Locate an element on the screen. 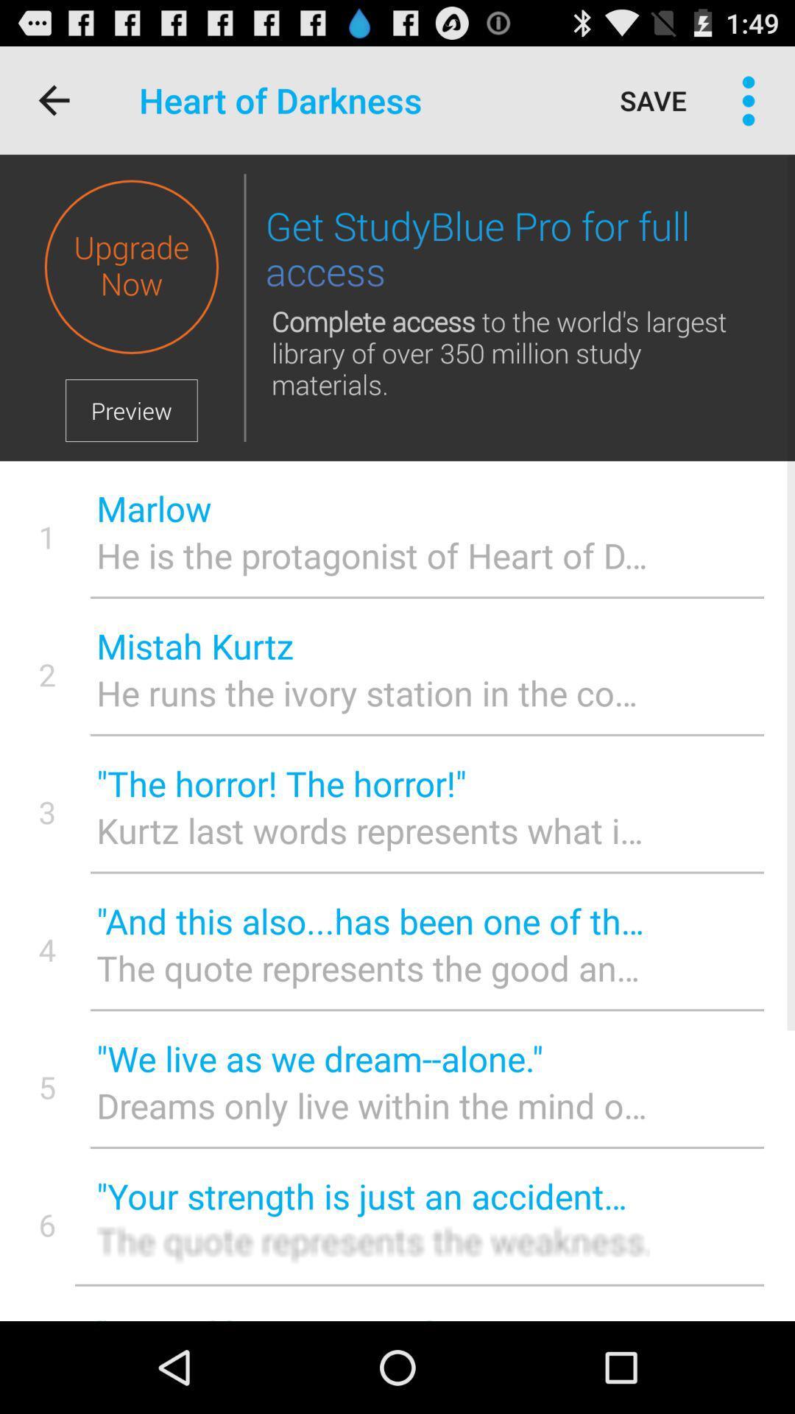 Image resolution: width=795 pixels, height=1414 pixels. the 6 icon is located at coordinates (46, 1224).